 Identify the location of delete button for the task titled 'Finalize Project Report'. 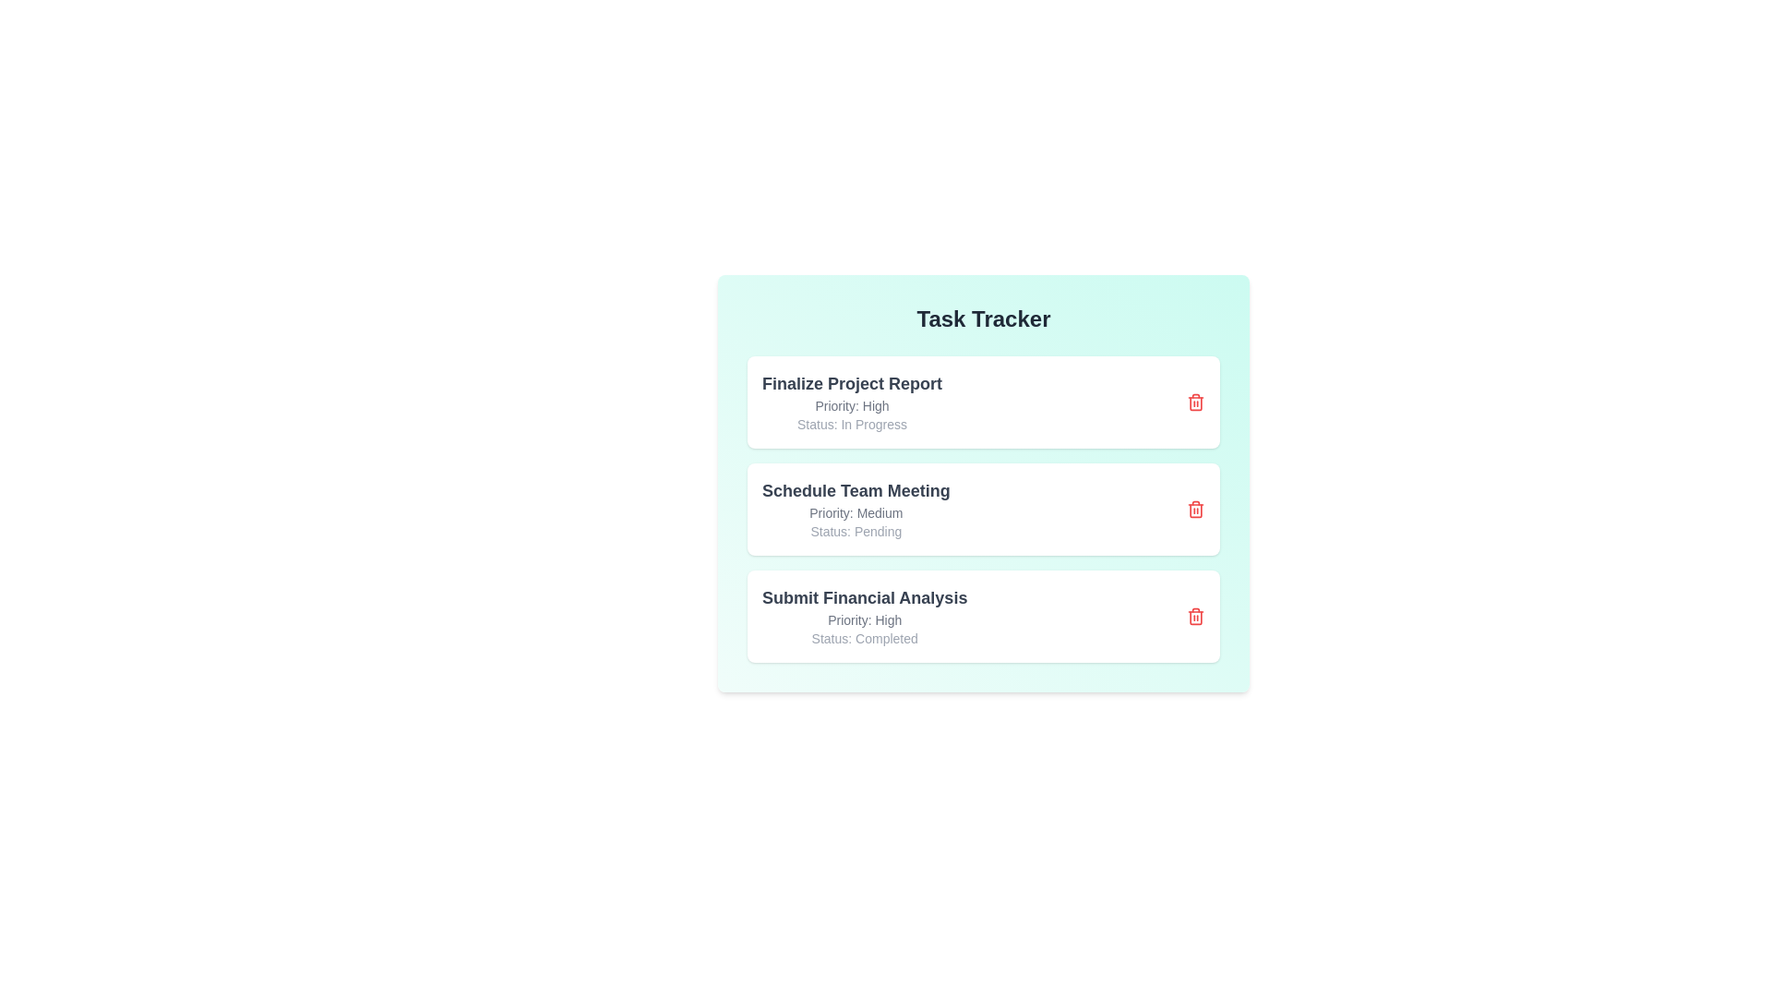
(1196, 401).